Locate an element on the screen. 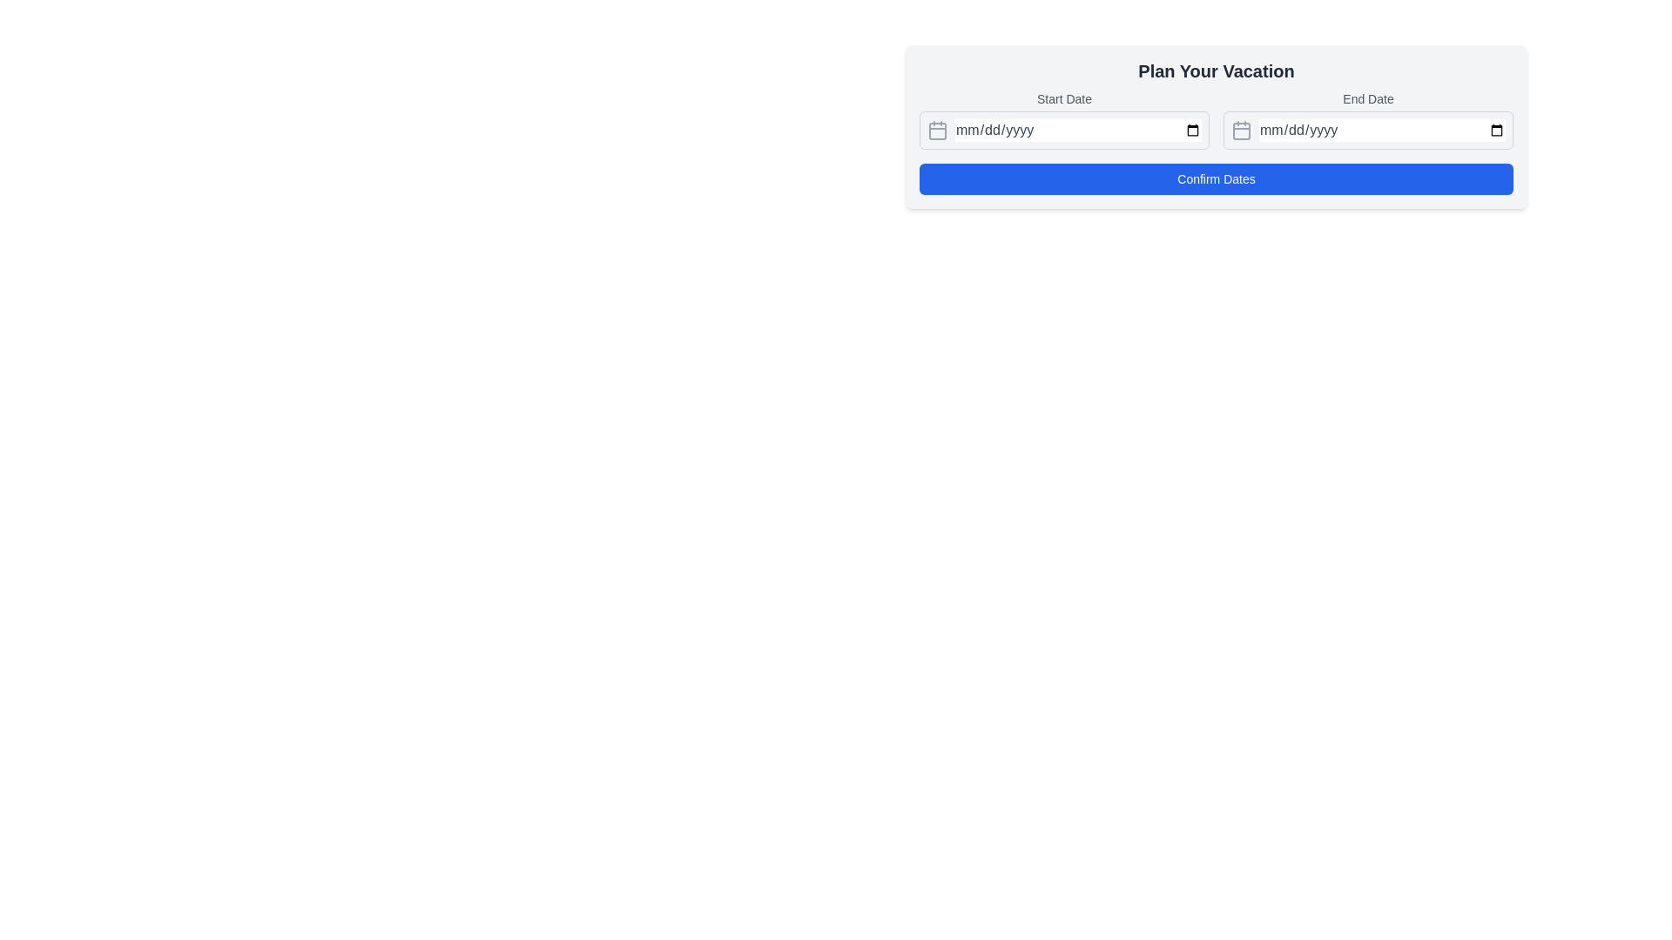 The height and width of the screenshot is (940, 1672). the Date input field labeled 'End Date' which has a calendar icon and placeholder text 'mm/dd/yyyy' by clicking on it to prepare for keyboard input is located at coordinates (1367, 130).